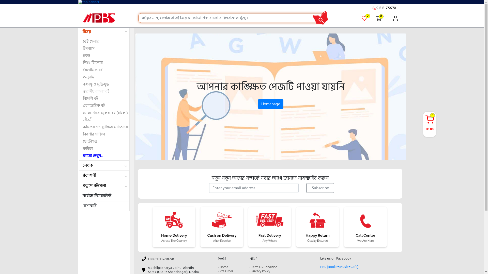  Describe the element at coordinates (365, 15) in the screenshot. I see `'0'` at that location.